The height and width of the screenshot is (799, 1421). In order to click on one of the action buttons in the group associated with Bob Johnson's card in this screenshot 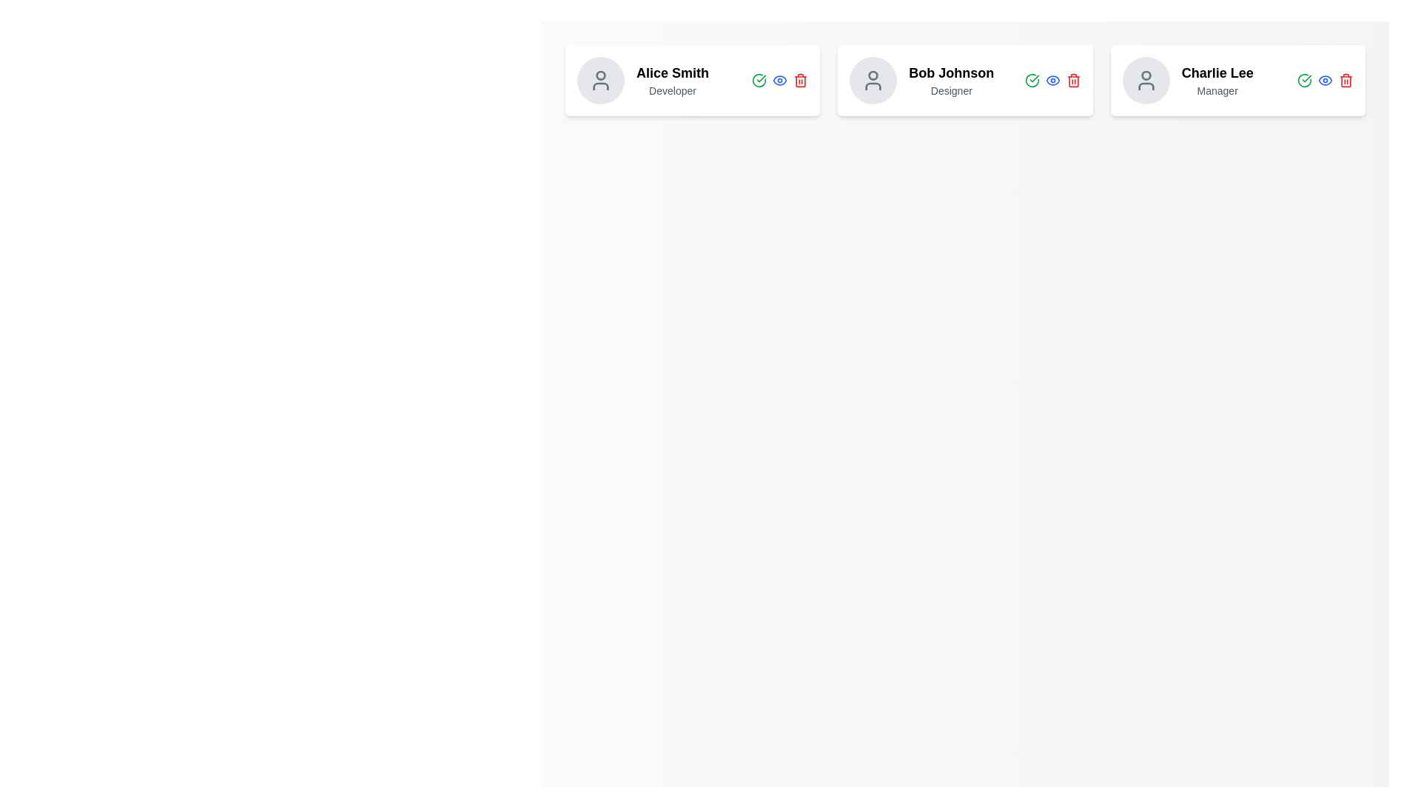, I will do `click(1052, 80)`.